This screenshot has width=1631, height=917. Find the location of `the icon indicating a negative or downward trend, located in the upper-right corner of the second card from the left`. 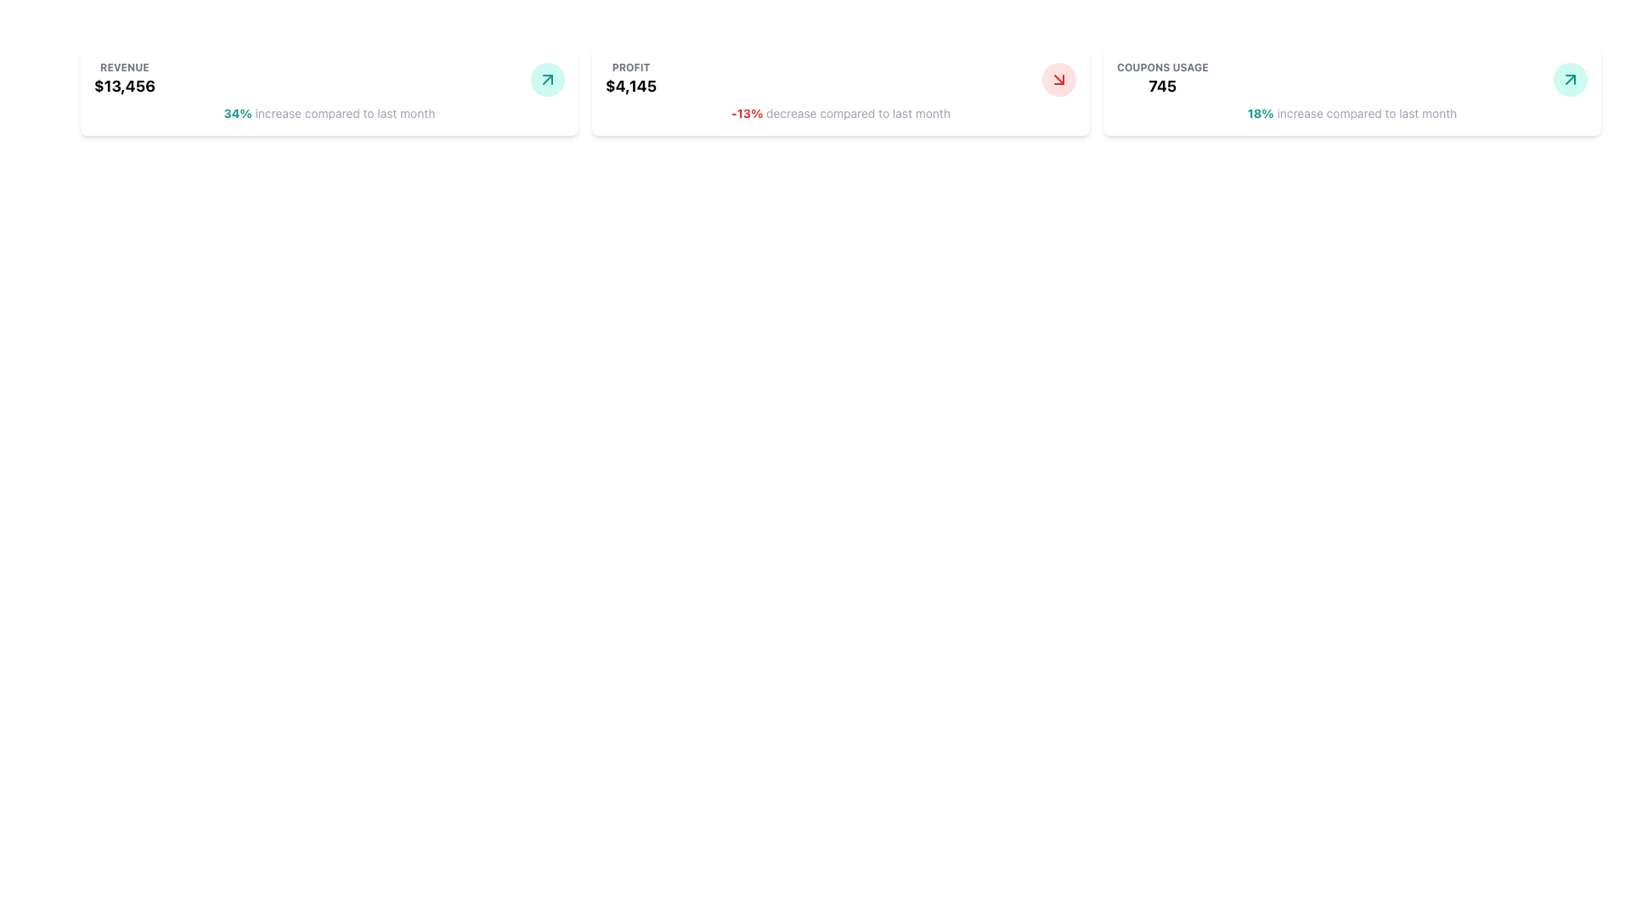

the icon indicating a negative or downward trend, located in the upper-right corner of the second card from the left is located at coordinates (1058, 79).